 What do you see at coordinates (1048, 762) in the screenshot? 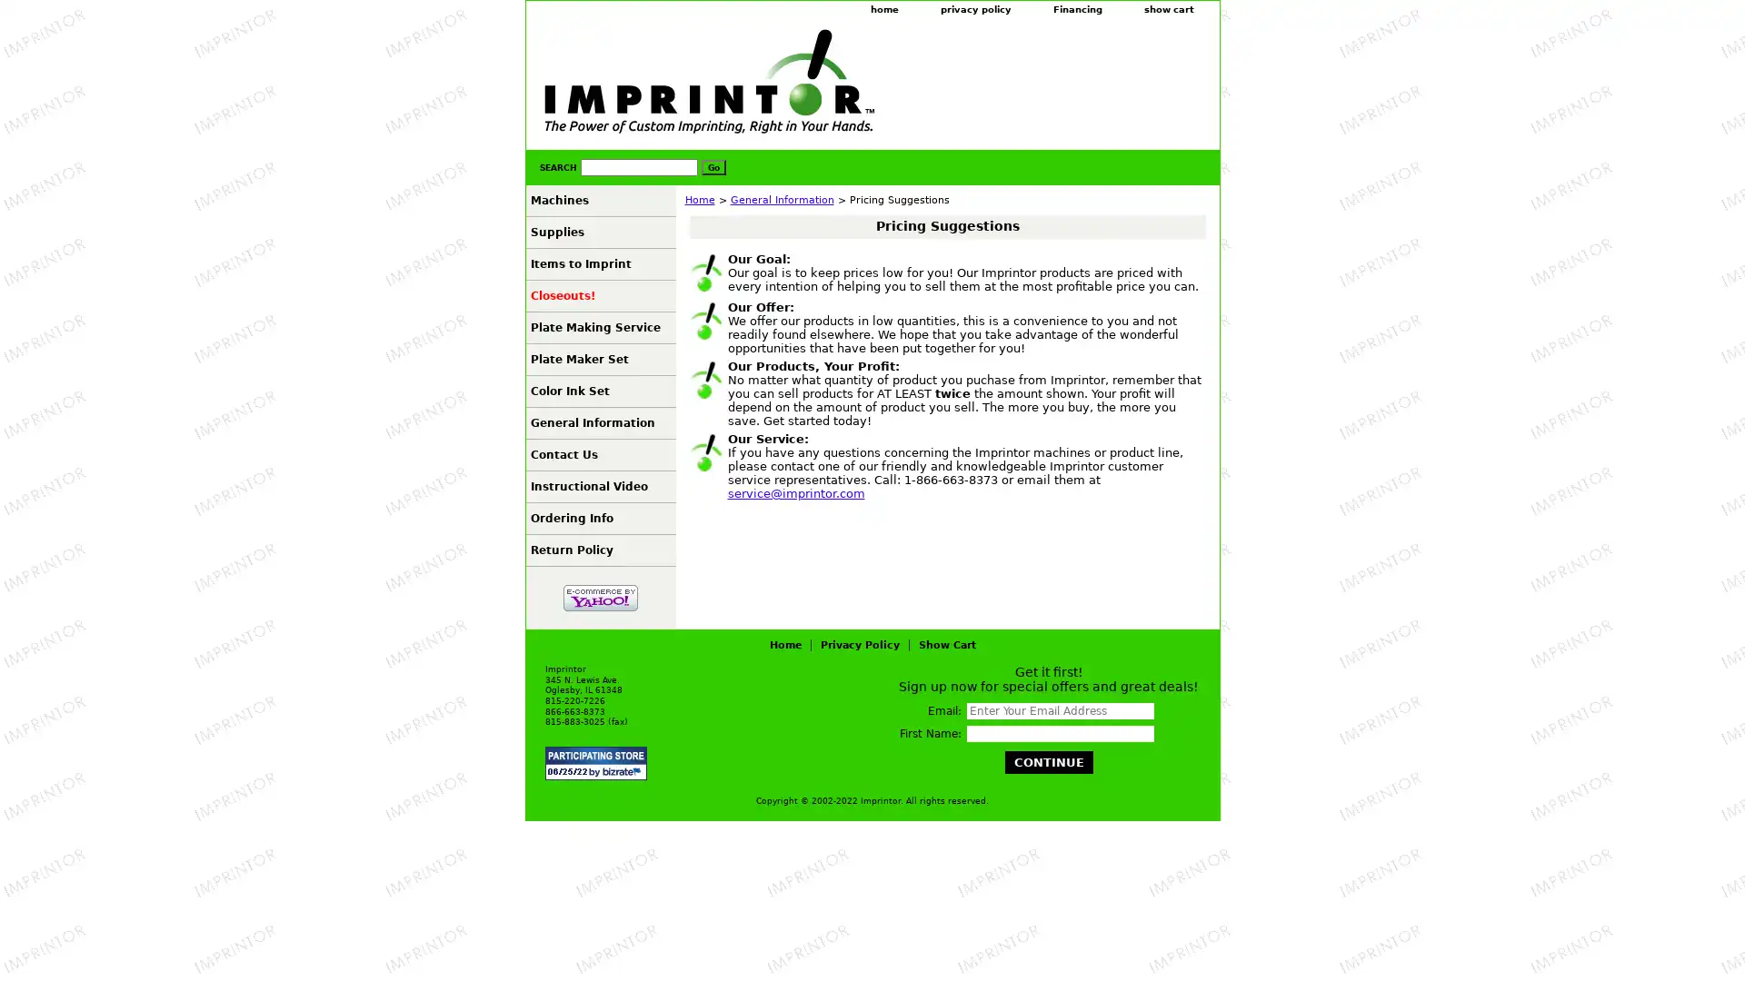
I see `Continue` at bounding box center [1048, 762].